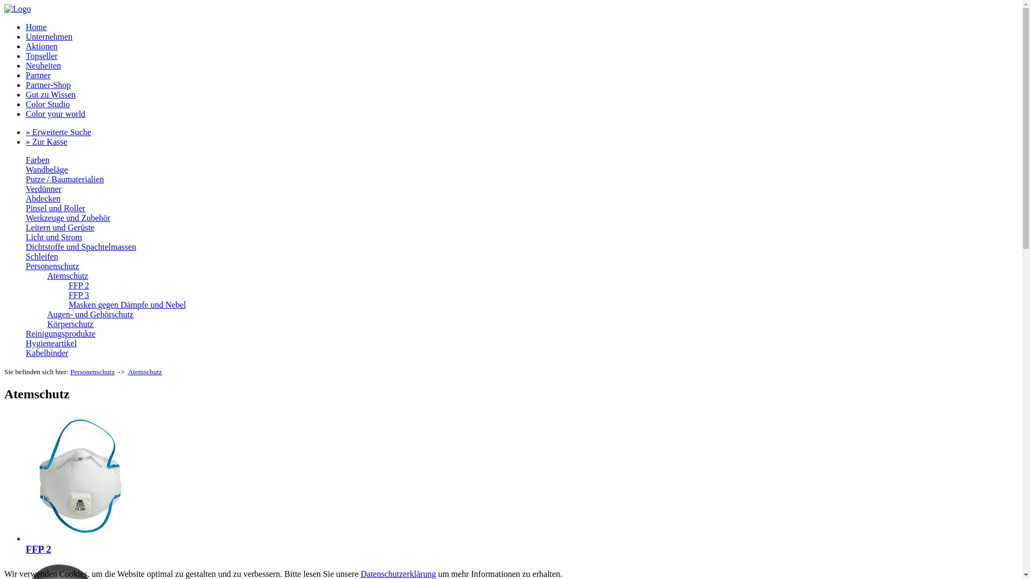  Describe the element at coordinates (43, 65) in the screenshot. I see `'Neuheiten'` at that location.